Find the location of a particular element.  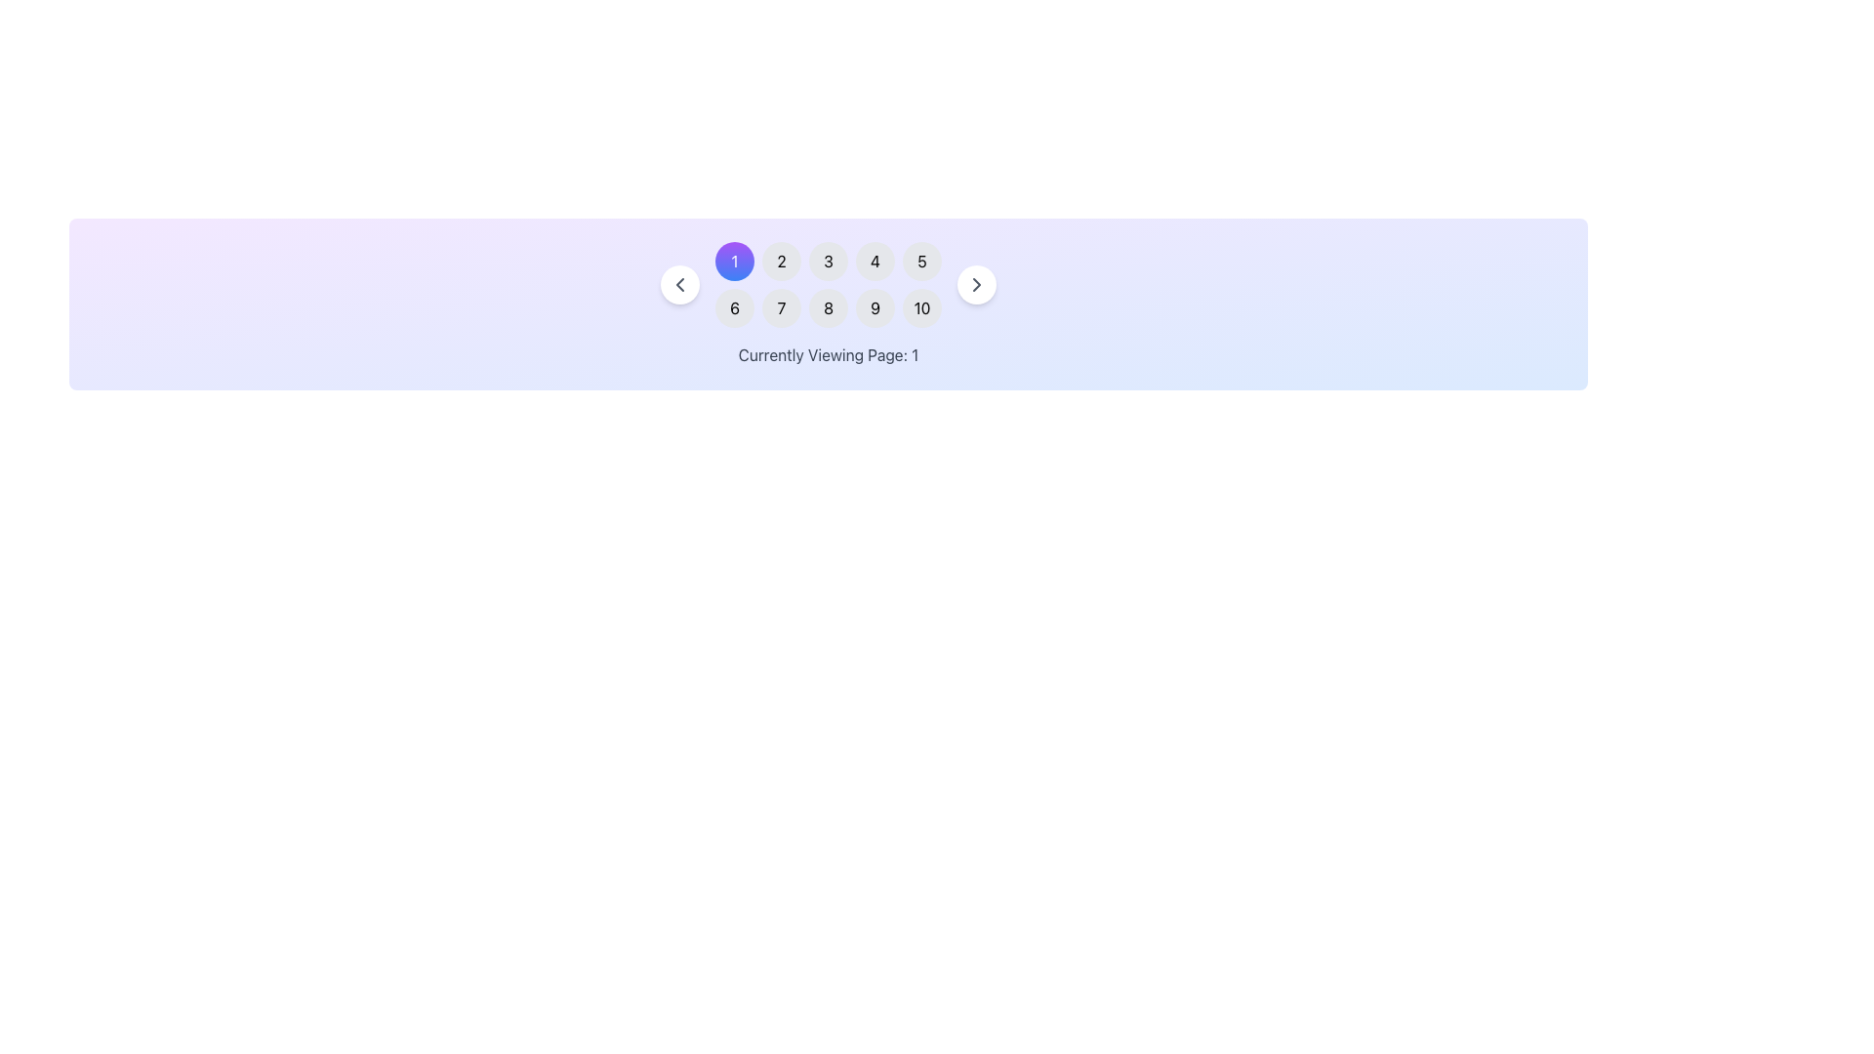

the circular button with a white background and a left-pointing chevron icon, located in the pagination area to the left of the numeric page buttons is located at coordinates (679, 285).